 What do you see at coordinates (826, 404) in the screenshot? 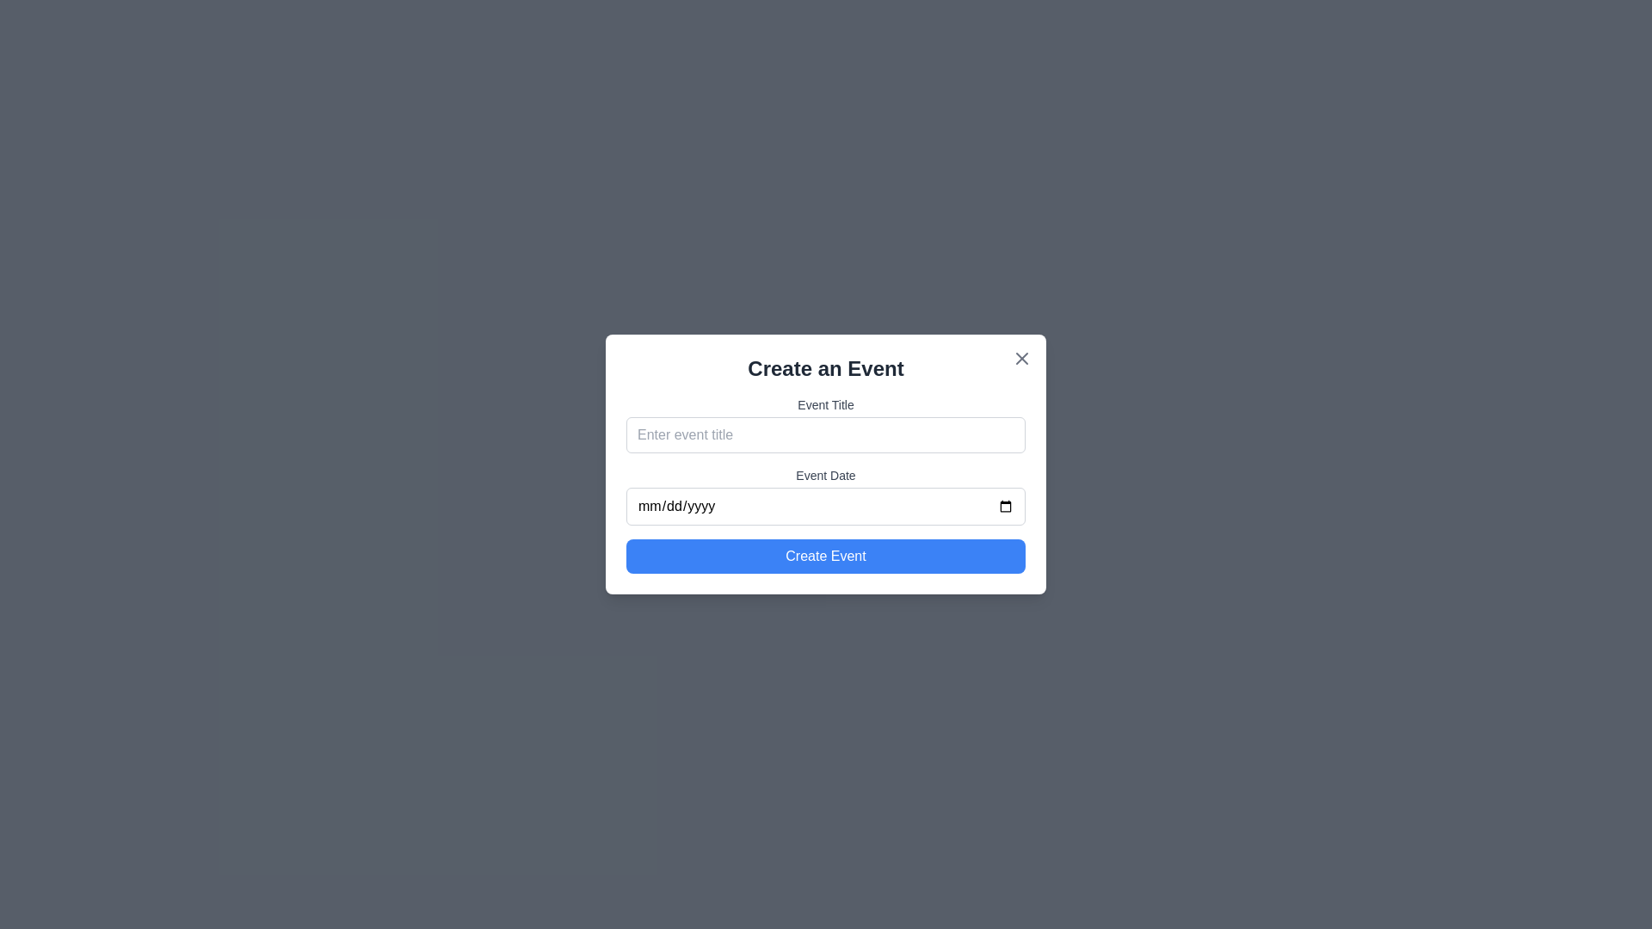
I see `the label indicating 'Enter event title' for the input field beneath it in the 'Create an Event' form interface` at bounding box center [826, 404].